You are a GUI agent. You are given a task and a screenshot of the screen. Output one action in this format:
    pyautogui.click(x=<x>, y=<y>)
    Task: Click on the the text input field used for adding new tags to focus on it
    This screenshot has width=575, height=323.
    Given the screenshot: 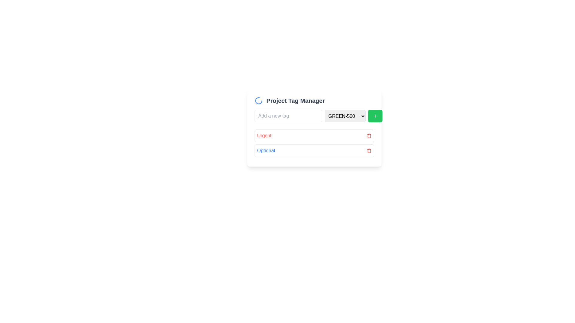 What is the action you would take?
    pyautogui.click(x=288, y=116)
    